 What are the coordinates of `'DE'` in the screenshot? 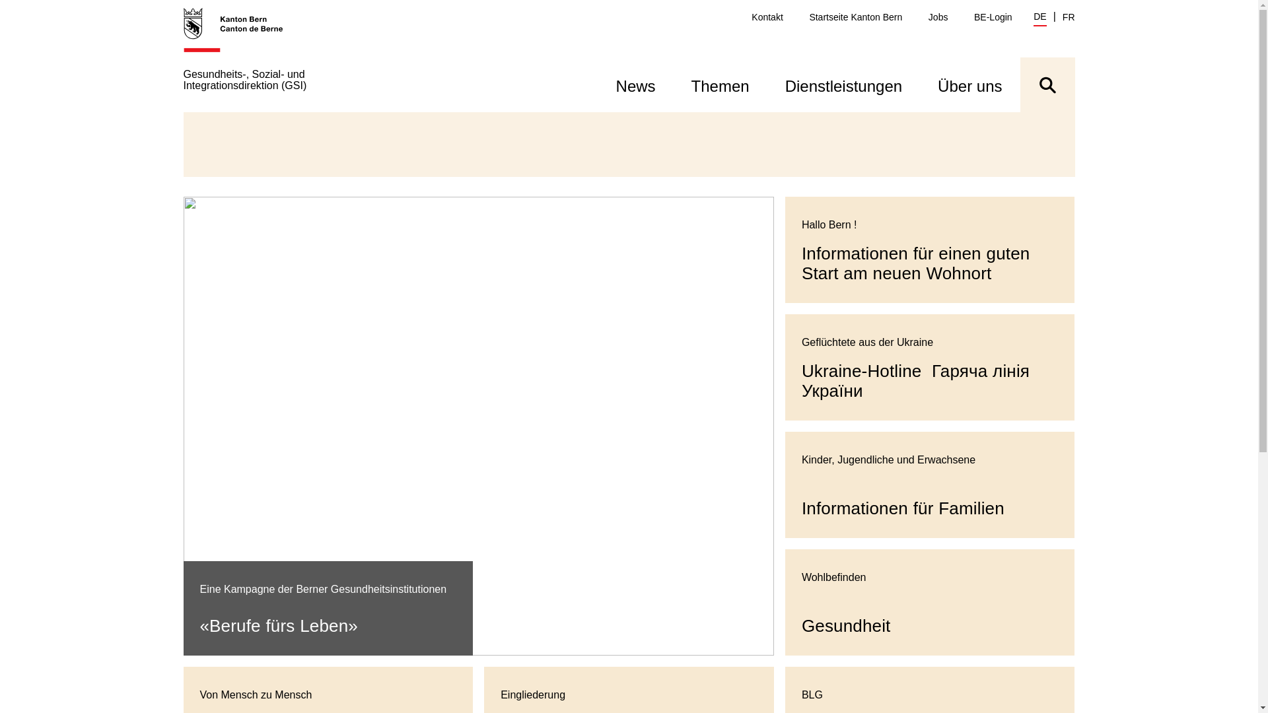 It's located at (1032, 18).